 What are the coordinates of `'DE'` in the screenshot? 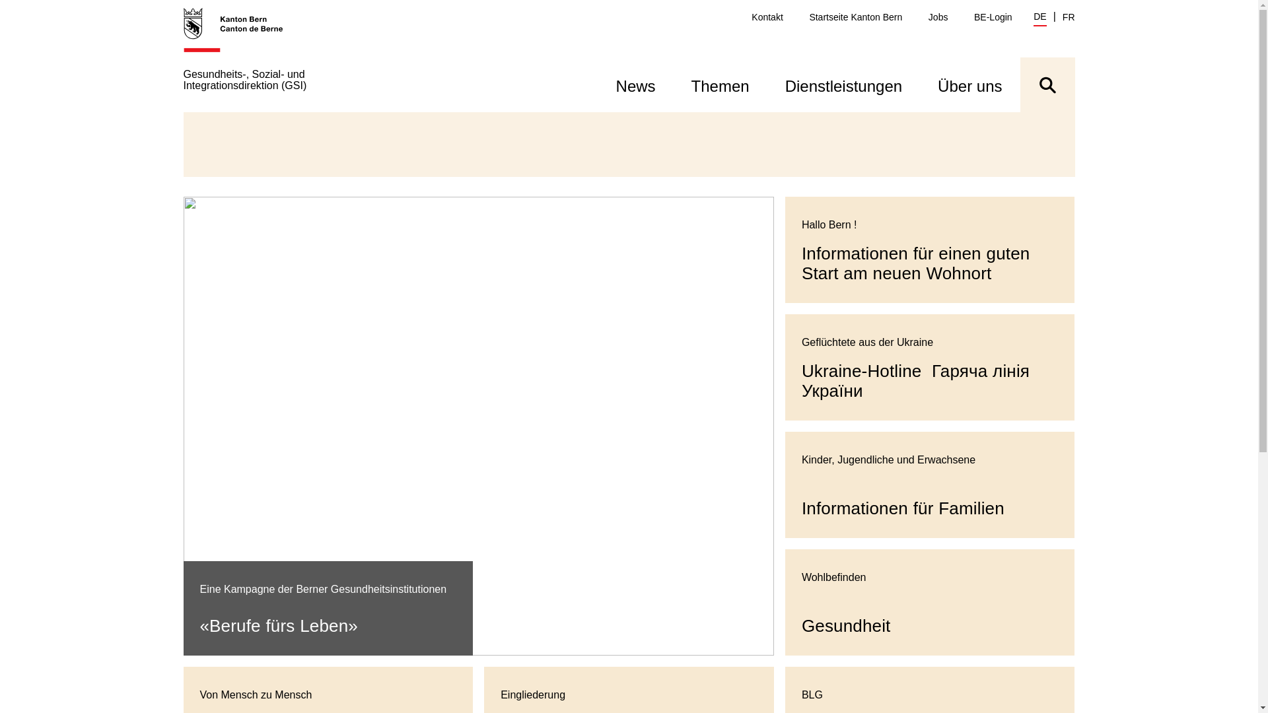 It's located at (1032, 18).